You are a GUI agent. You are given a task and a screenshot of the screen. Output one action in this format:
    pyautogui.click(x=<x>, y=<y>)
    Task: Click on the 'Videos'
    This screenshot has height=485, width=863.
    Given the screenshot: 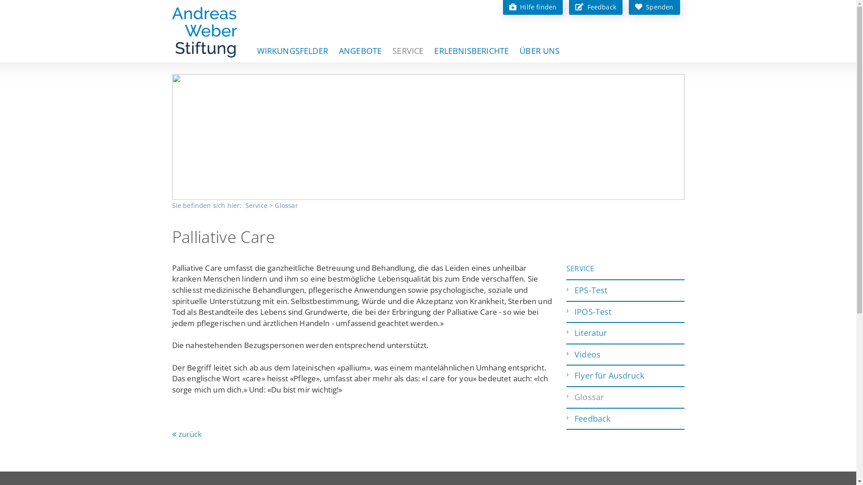 What is the action you would take?
    pyautogui.click(x=625, y=354)
    